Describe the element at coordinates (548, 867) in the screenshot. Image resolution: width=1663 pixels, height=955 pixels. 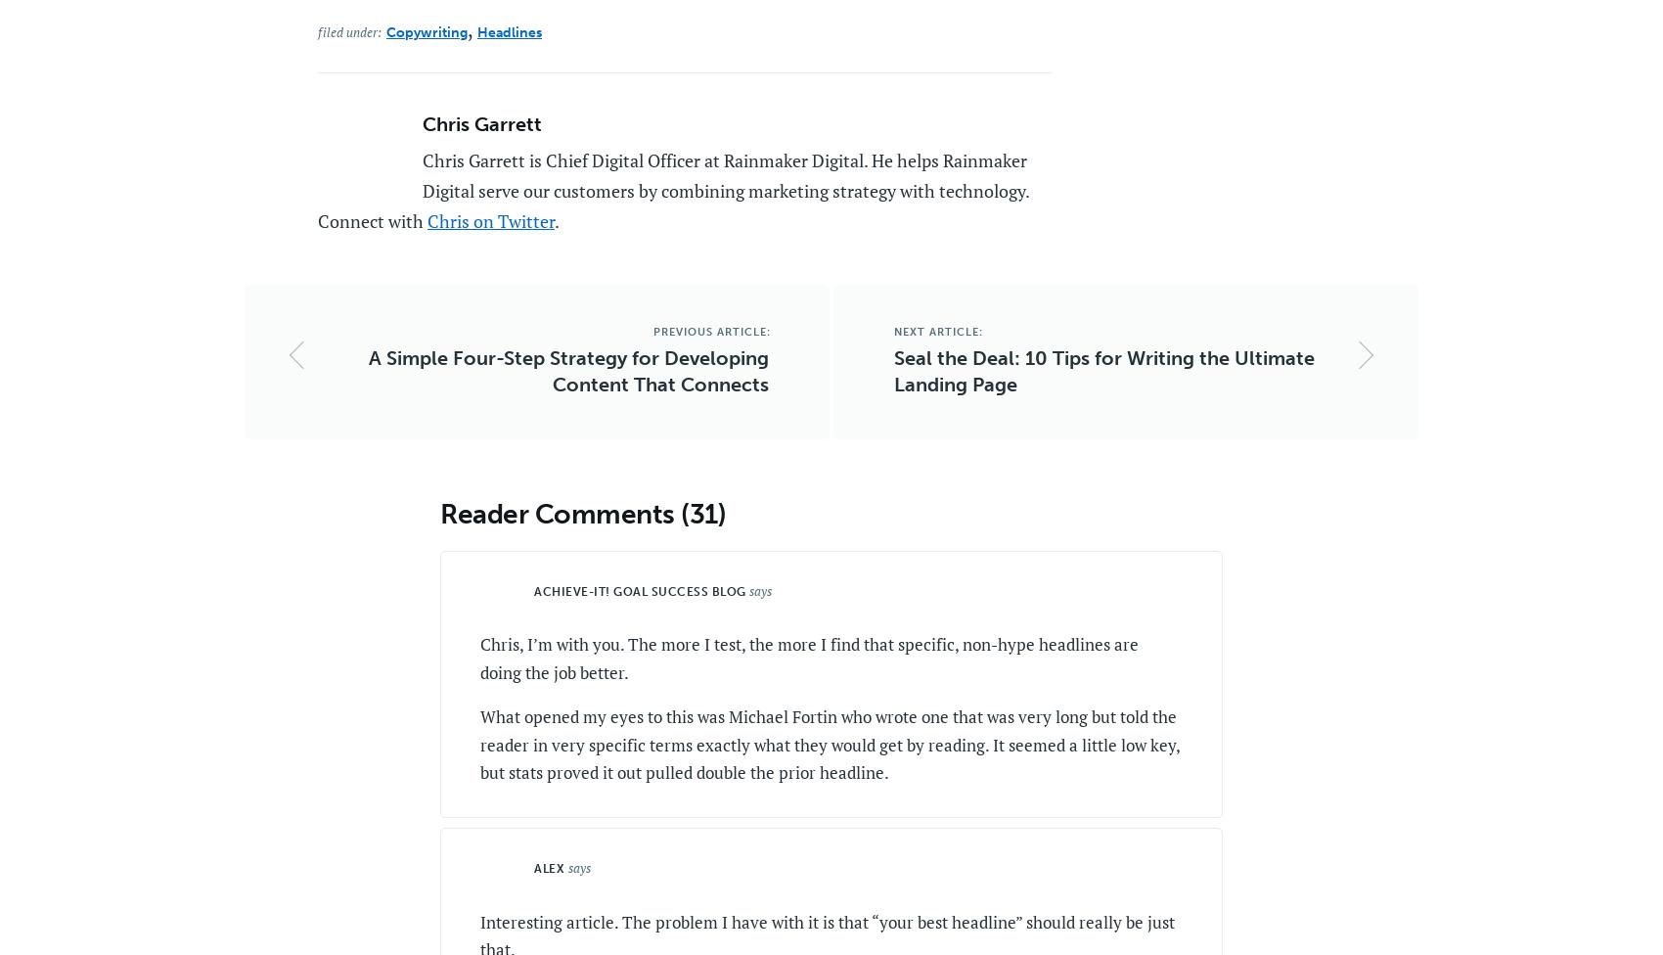
I see `'Alex'` at that location.